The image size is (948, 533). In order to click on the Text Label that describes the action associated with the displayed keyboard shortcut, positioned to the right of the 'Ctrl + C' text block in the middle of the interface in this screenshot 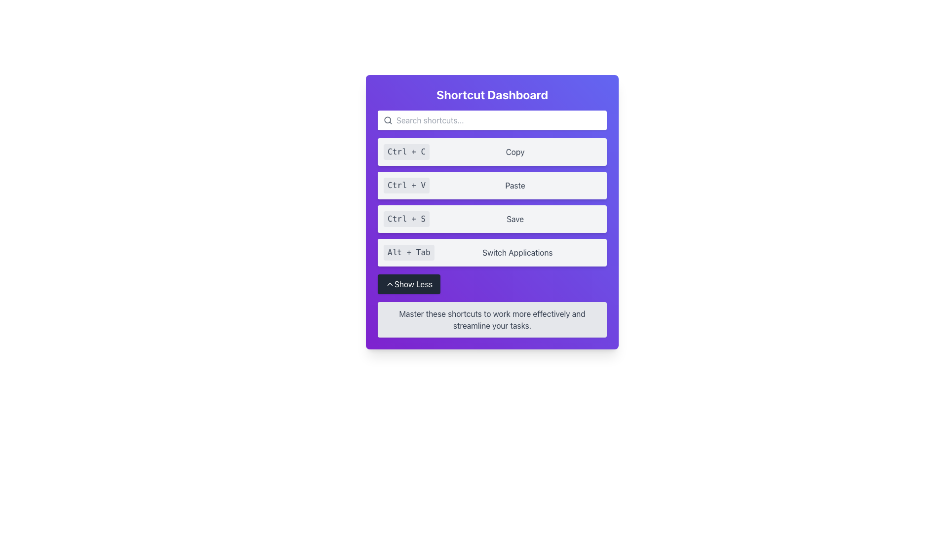, I will do `click(514, 152)`.